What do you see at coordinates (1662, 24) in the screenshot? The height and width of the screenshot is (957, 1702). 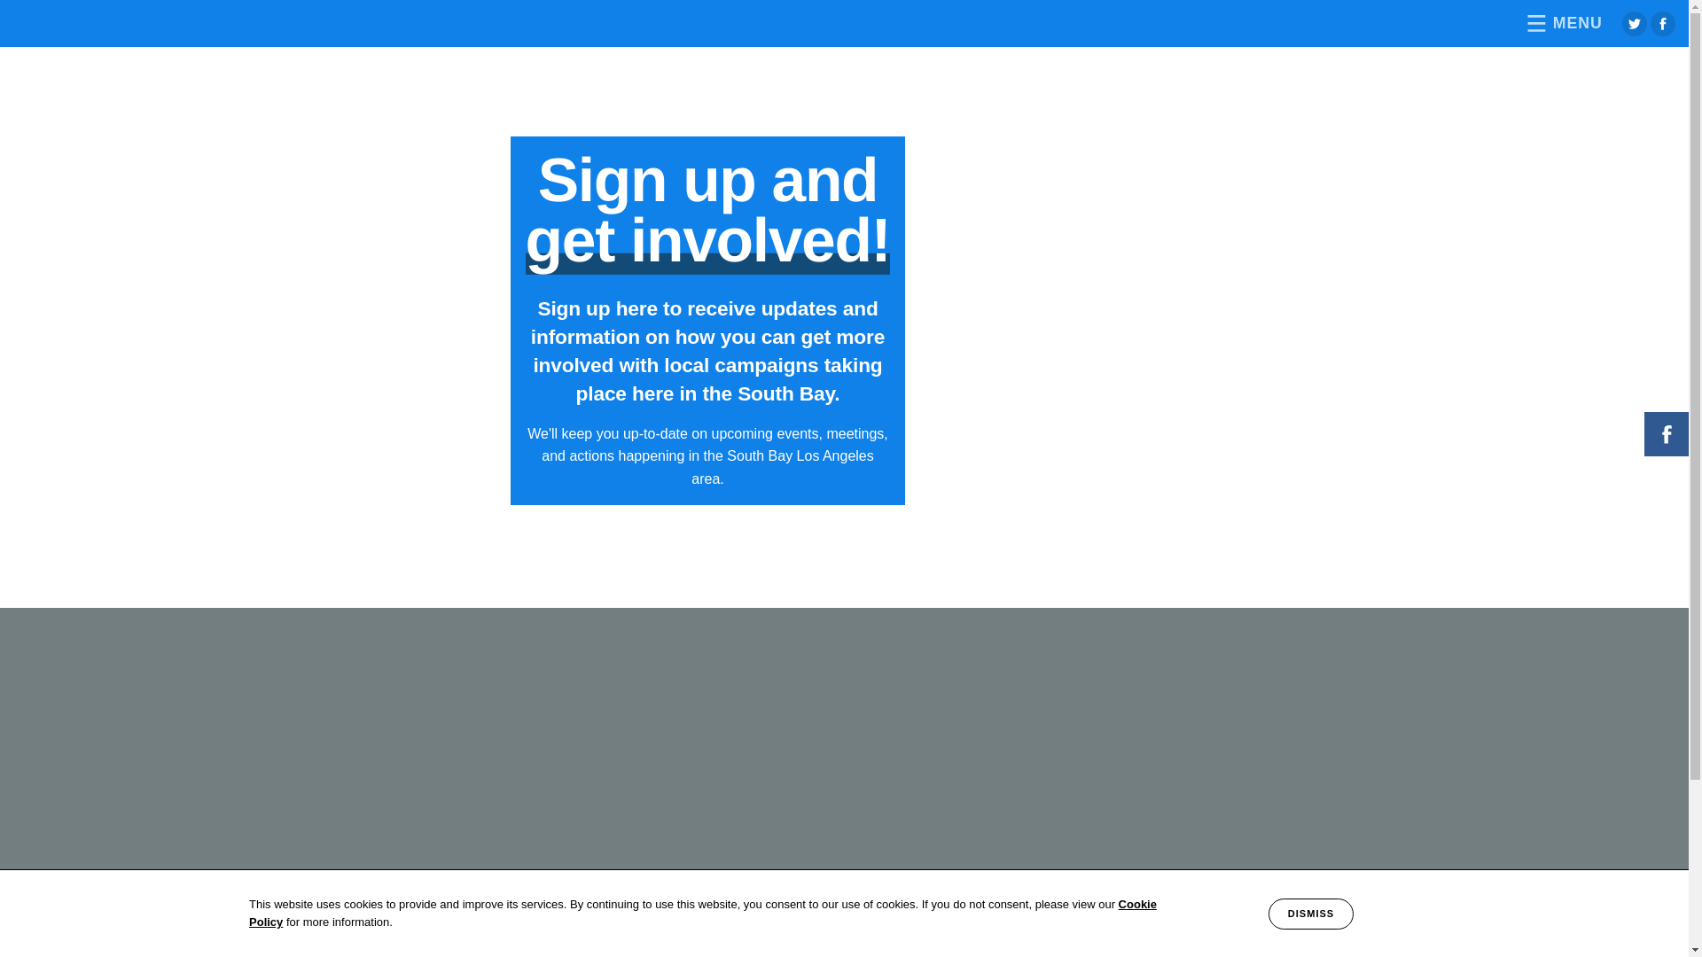 I see `'Facebook'` at bounding box center [1662, 24].